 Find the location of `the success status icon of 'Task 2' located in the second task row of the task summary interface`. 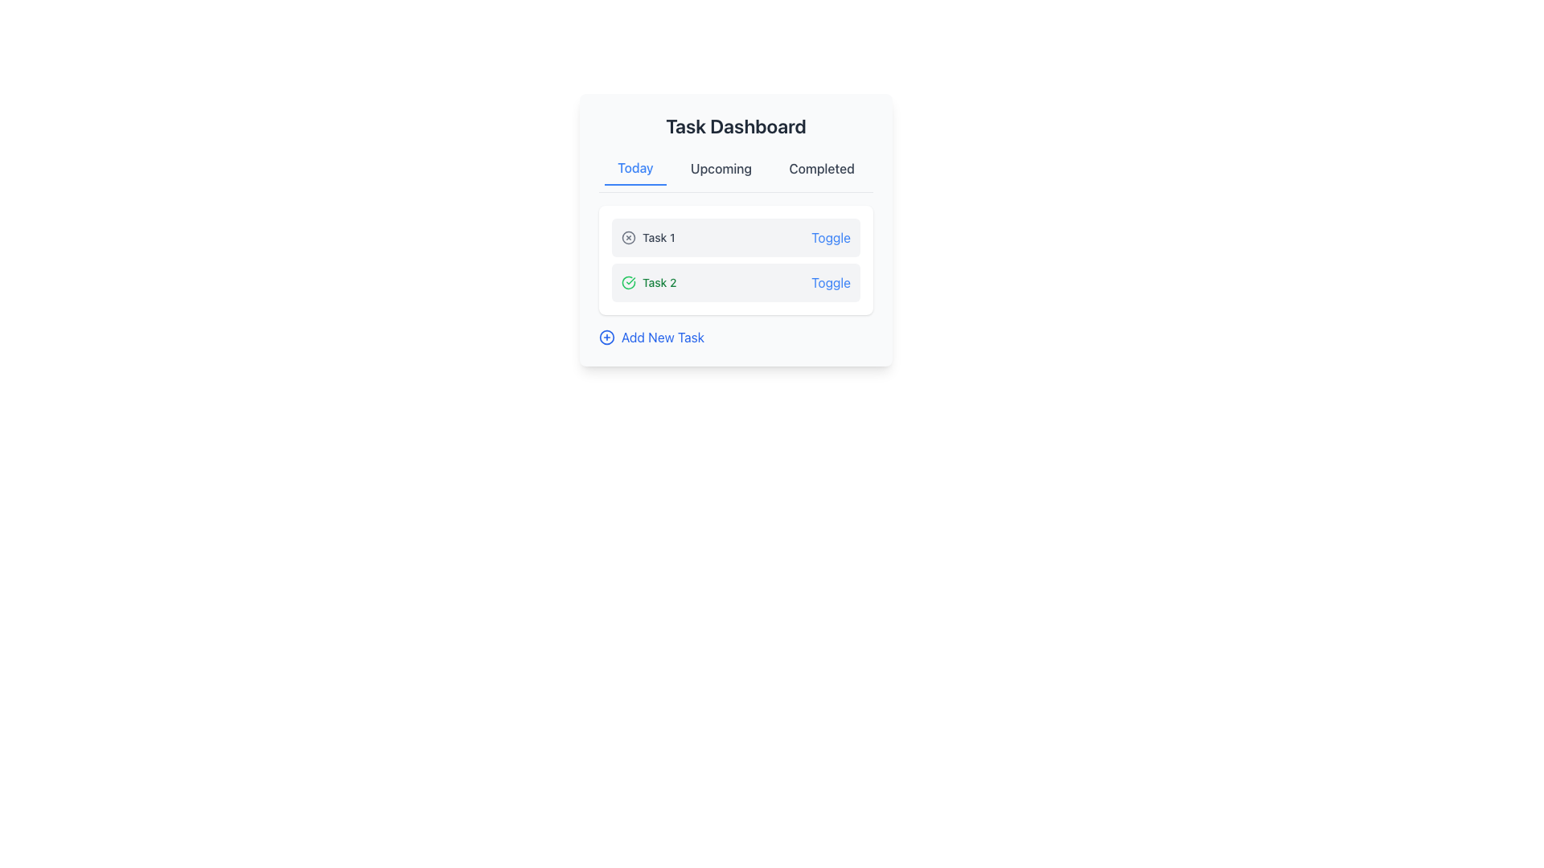

the success status icon of 'Task 2' located in the second task row of the task summary interface is located at coordinates (628, 281).